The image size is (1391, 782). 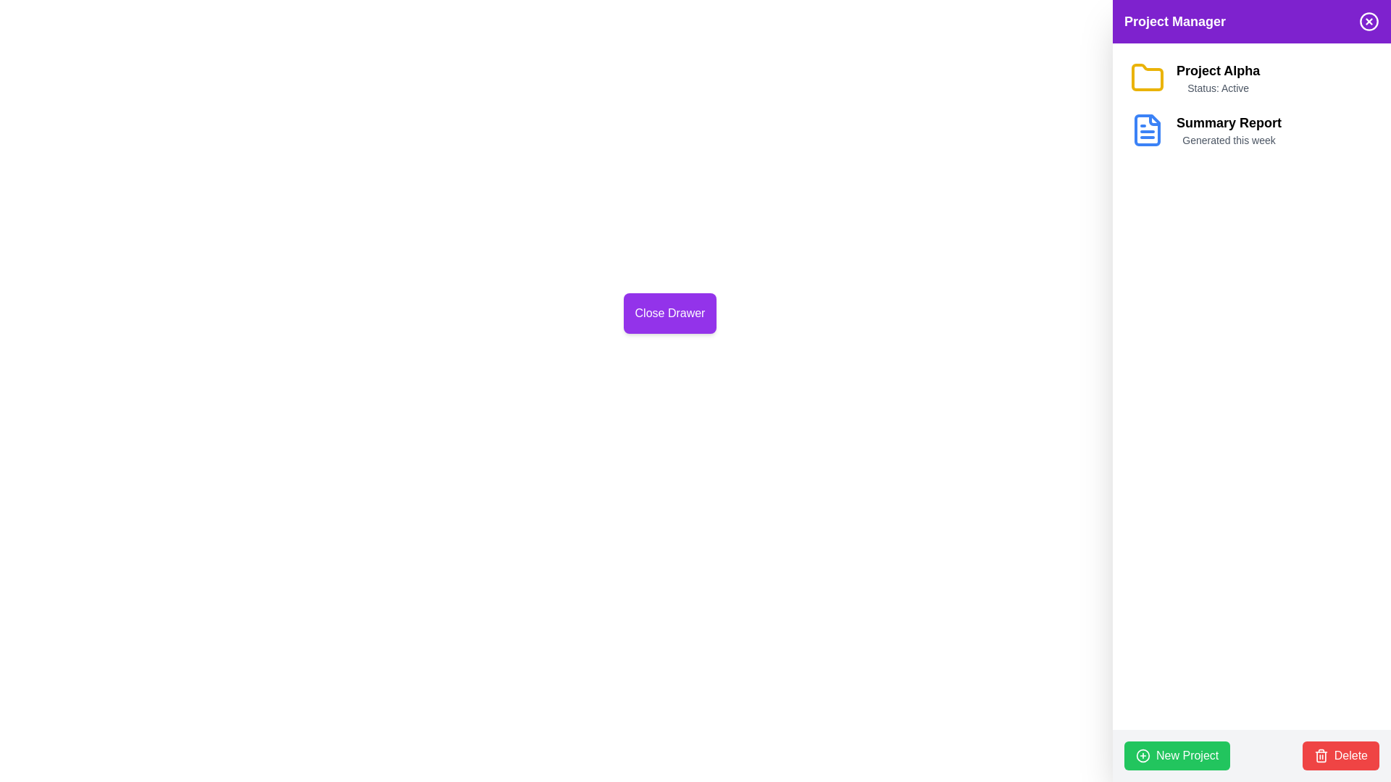 What do you see at coordinates (1217, 88) in the screenshot?
I see `the text label displaying 'Status: Active', which is located below the bold text 'Project Alpha' in the 'Project Manager' right sidebar` at bounding box center [1217, 88].